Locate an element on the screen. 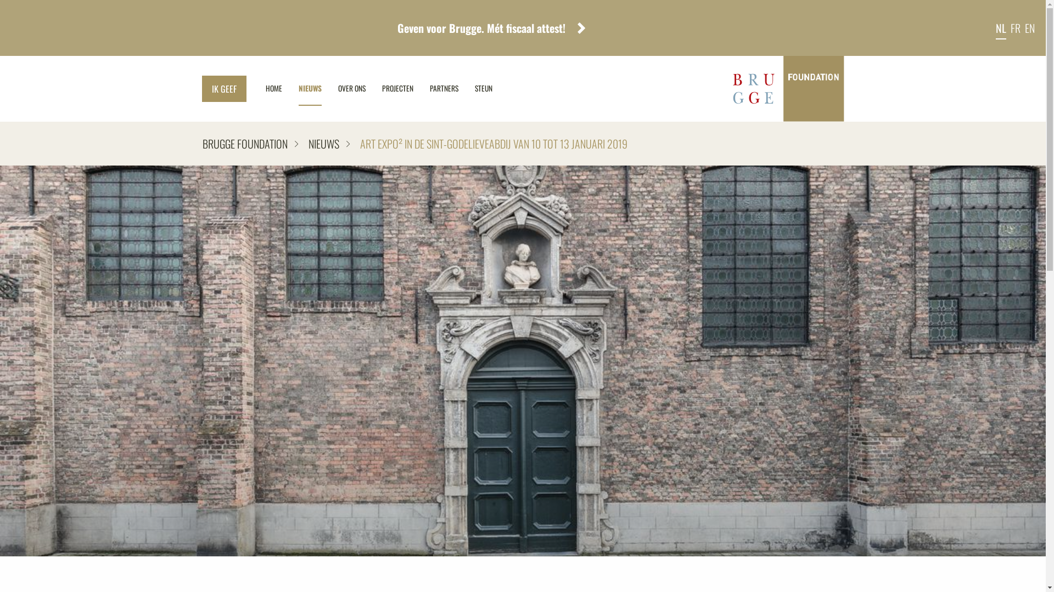 This screenshot has width=1054, height=592. 'PROJECTEN' is located at coordinates (373, 88).